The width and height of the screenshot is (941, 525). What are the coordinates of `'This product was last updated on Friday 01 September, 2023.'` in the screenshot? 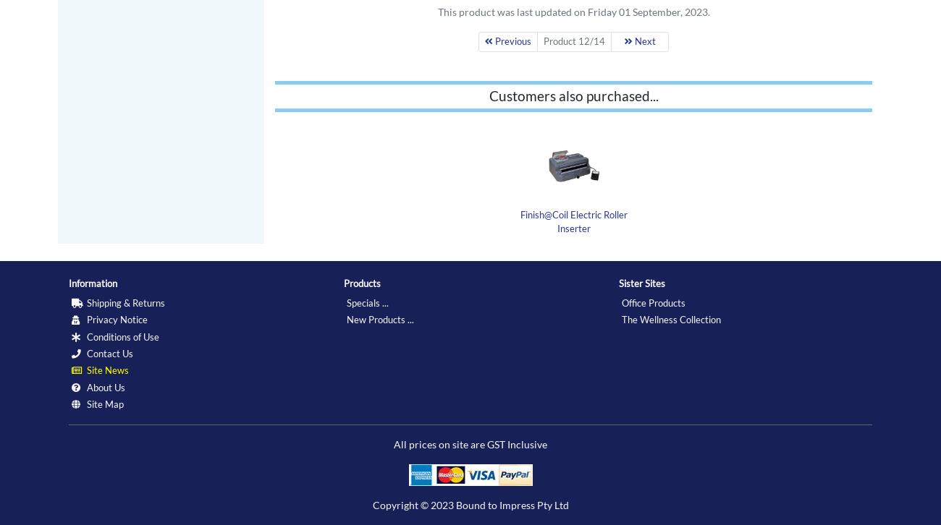 It's located at (572, 11).